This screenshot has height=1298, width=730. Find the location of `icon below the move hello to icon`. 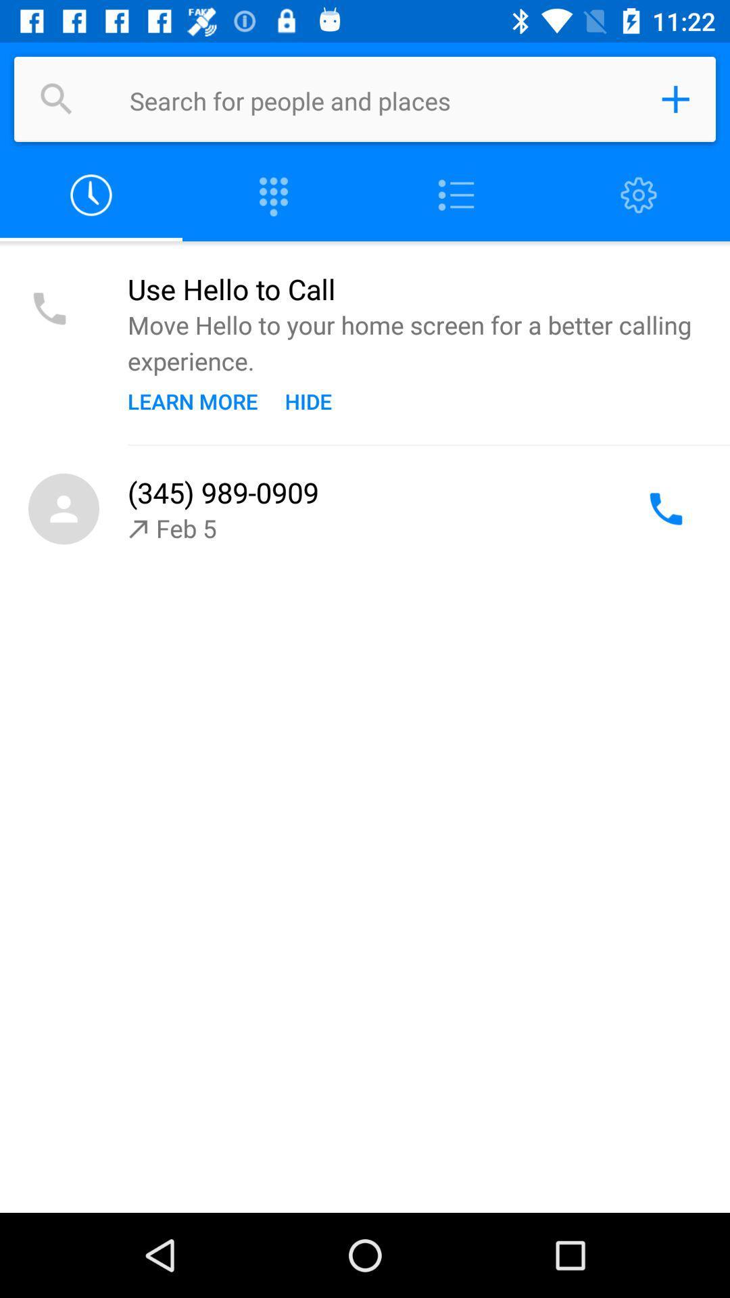

icon below the move hello to icon is located at coordinates (308, 400).